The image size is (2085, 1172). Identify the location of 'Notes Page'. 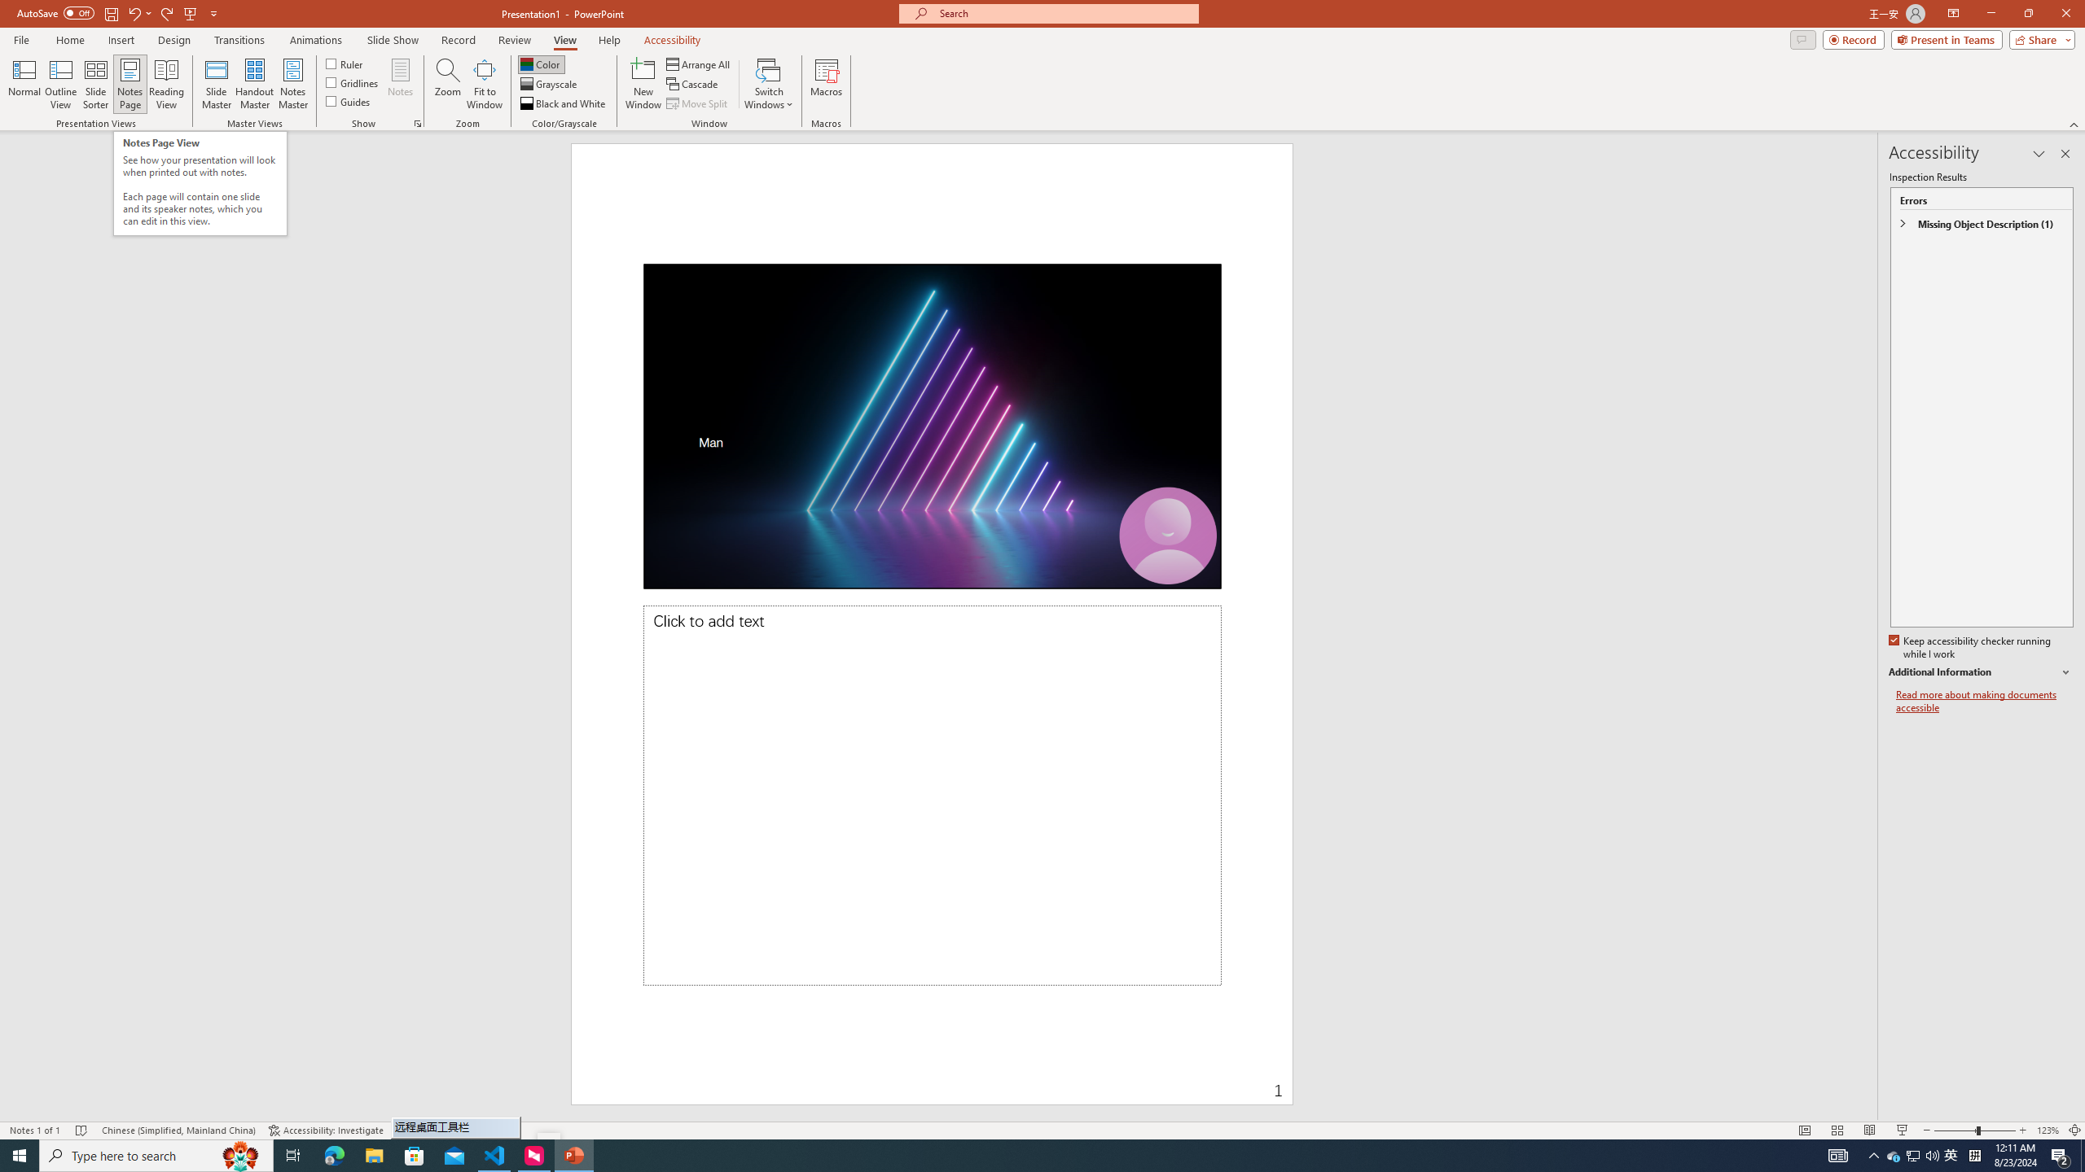
(129, 84).